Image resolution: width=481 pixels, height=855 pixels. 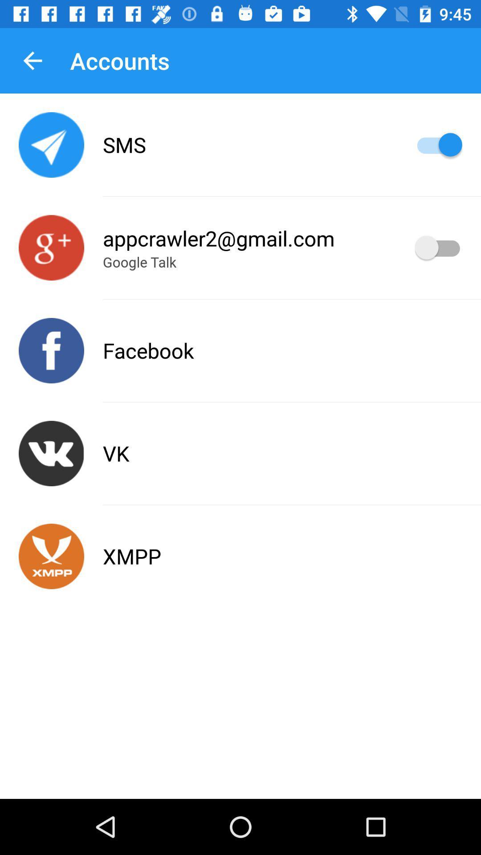 What do you see at coordinates (51, 556) in the screenshot?
I see `manage xmpp account` at bounding box center [51, 556].